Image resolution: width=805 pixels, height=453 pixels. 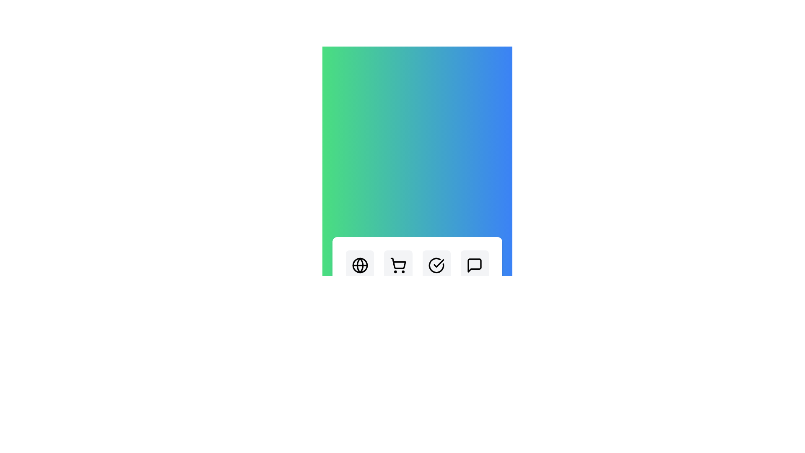 What do you see at coordinates (436, 265) in the screenshot?
I see `the validation icon in the navigation bar, which is the third icon, indicating task completion or validation` at bounding box center [436, 265].